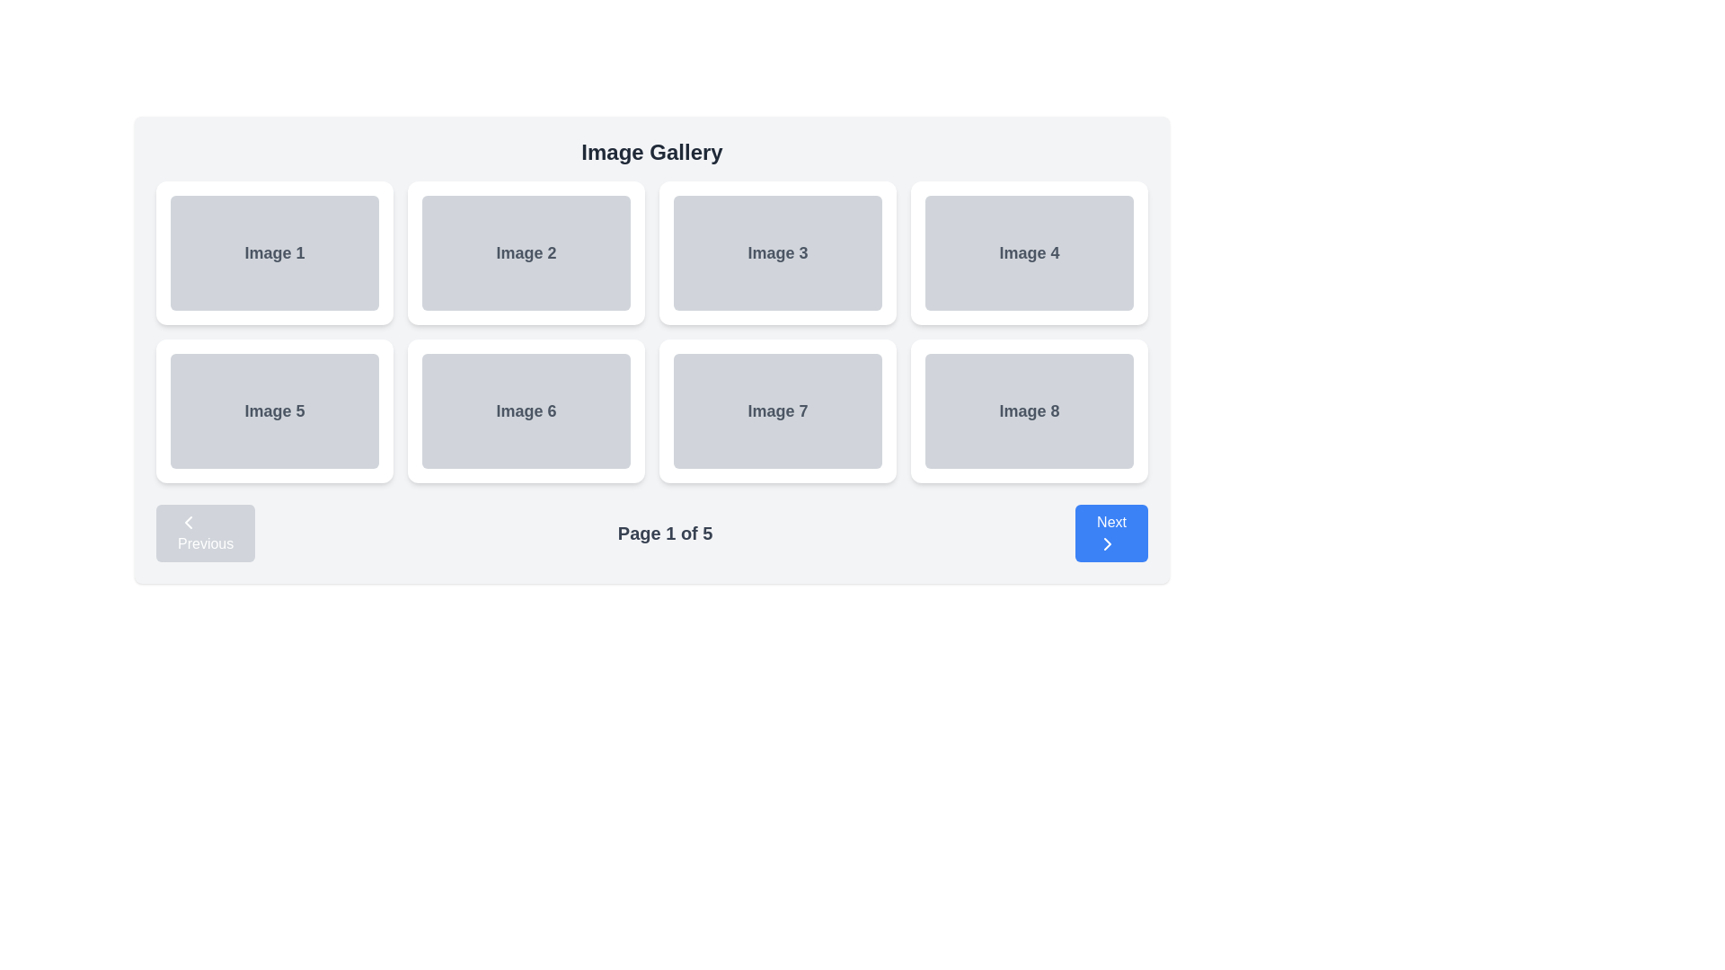 The image size is (1725, 970). Describe the element at coordinates (525, 411) in the screenshot. I see `the text label indicating 'Image 6', which serves as a descriptive label for the associated image placeholder located in the second row, second column of the grid layout` at that location.